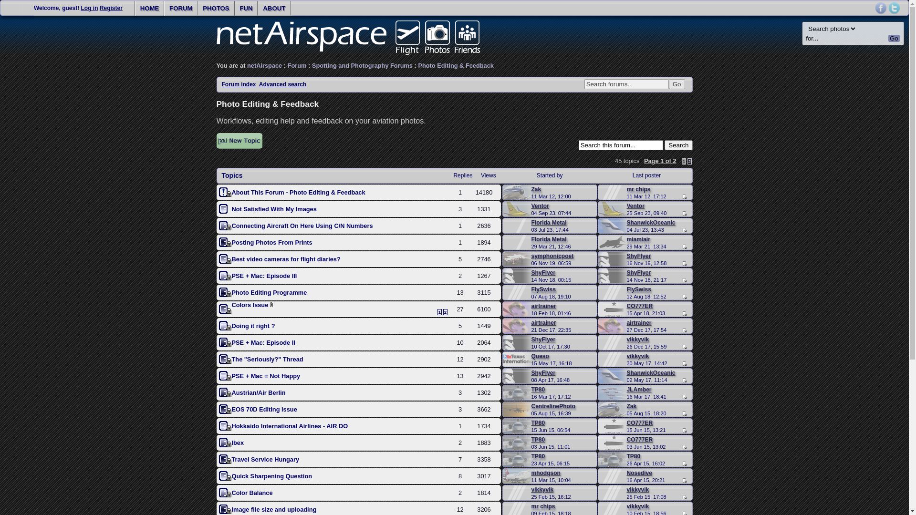  I want to click on 'Color Balance', so click(252, 493).